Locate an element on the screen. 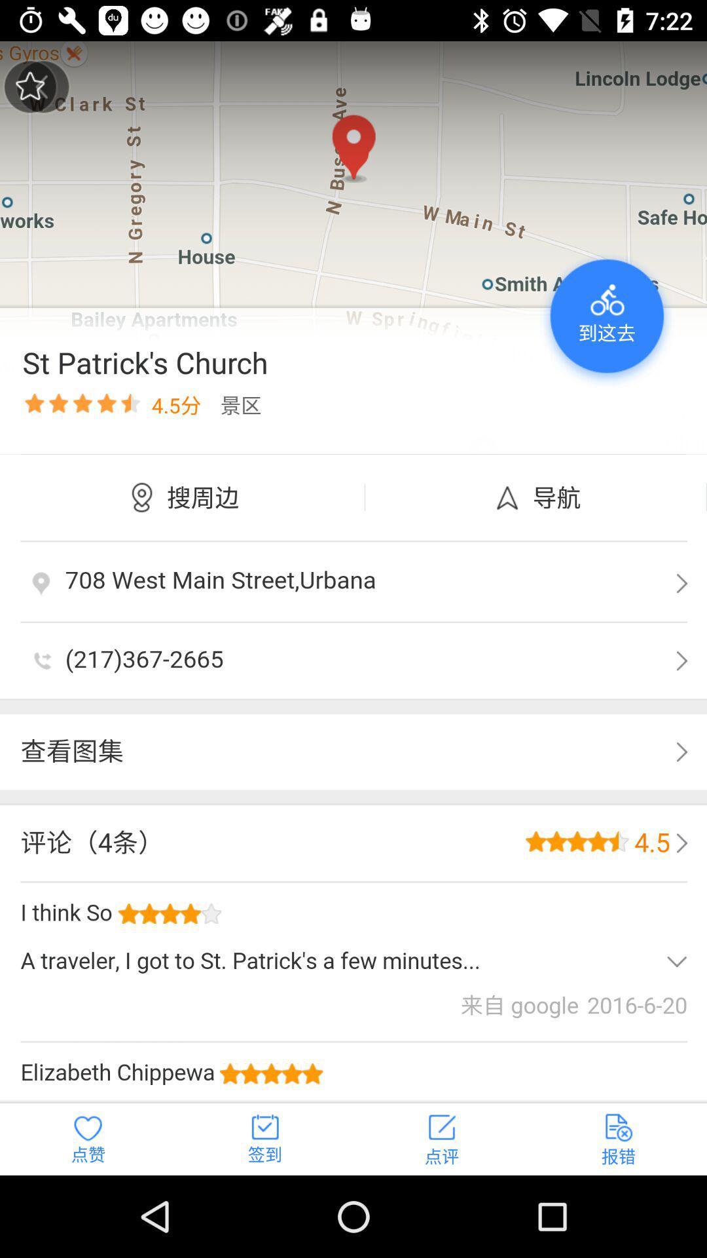 This screenshot has width=707, height=1258. the star icon is located at coordinates (42, 86).